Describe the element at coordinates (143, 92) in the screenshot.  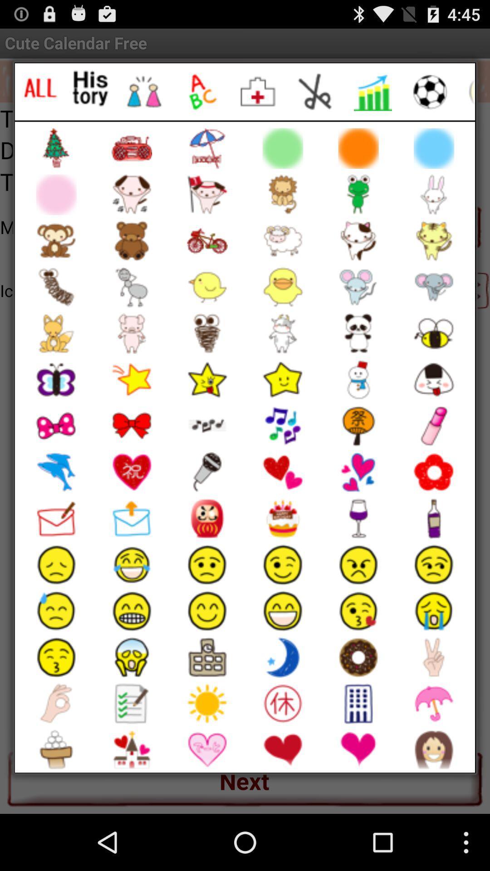
I see `people emoji` at that location.